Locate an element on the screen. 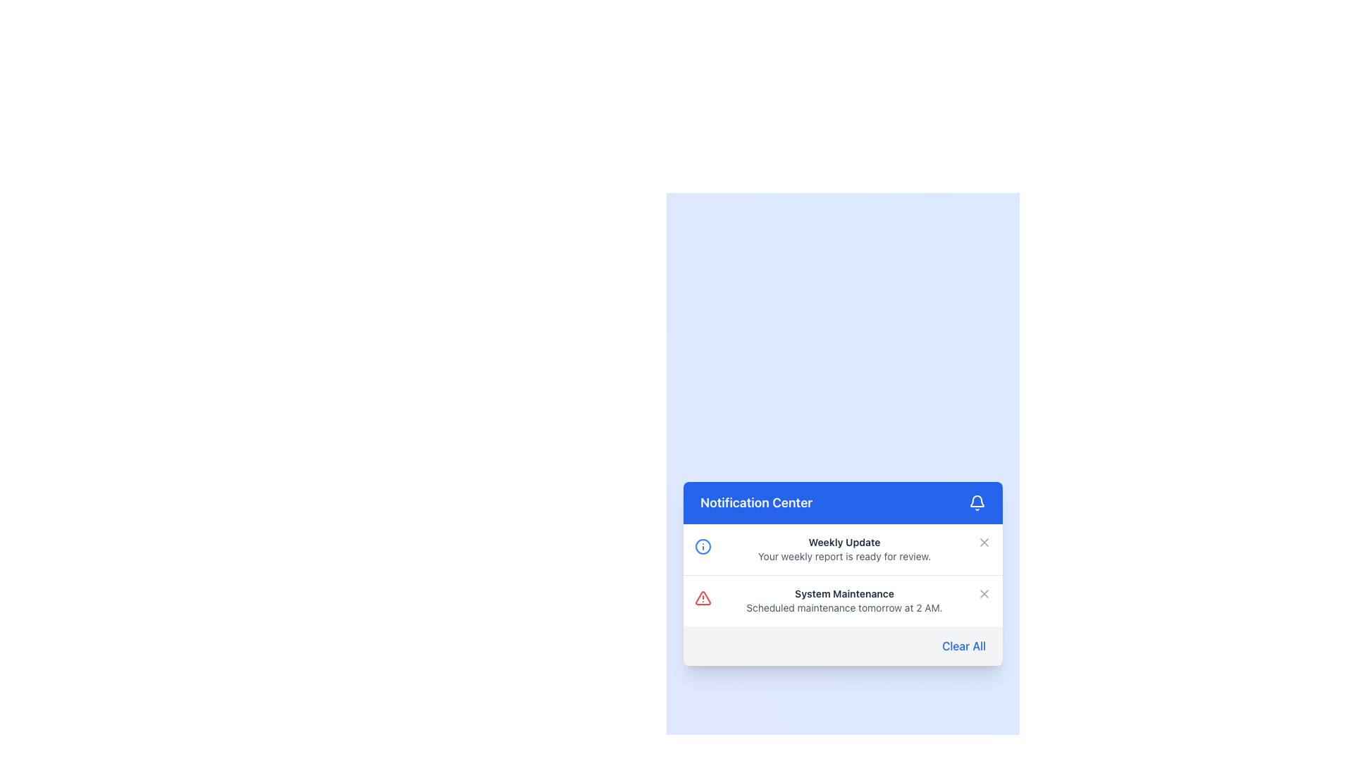 The image size is (1353, 761). the small 'X' icon button located in the top-right corner of the 'System Maintenance' notification card that changes color to red on hover is located at coordinates (983, 593).